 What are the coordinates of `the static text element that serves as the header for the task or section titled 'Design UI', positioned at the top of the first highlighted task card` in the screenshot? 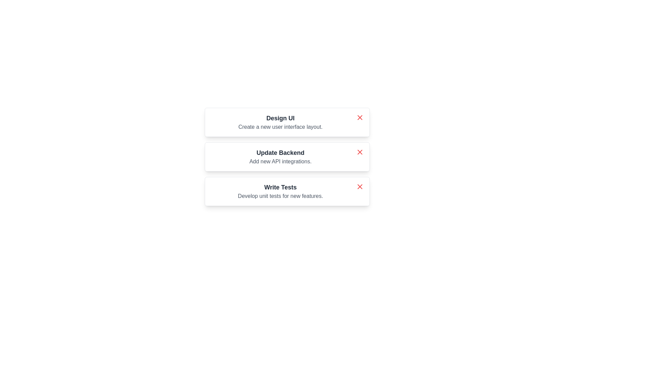 It's located at (280, 118).